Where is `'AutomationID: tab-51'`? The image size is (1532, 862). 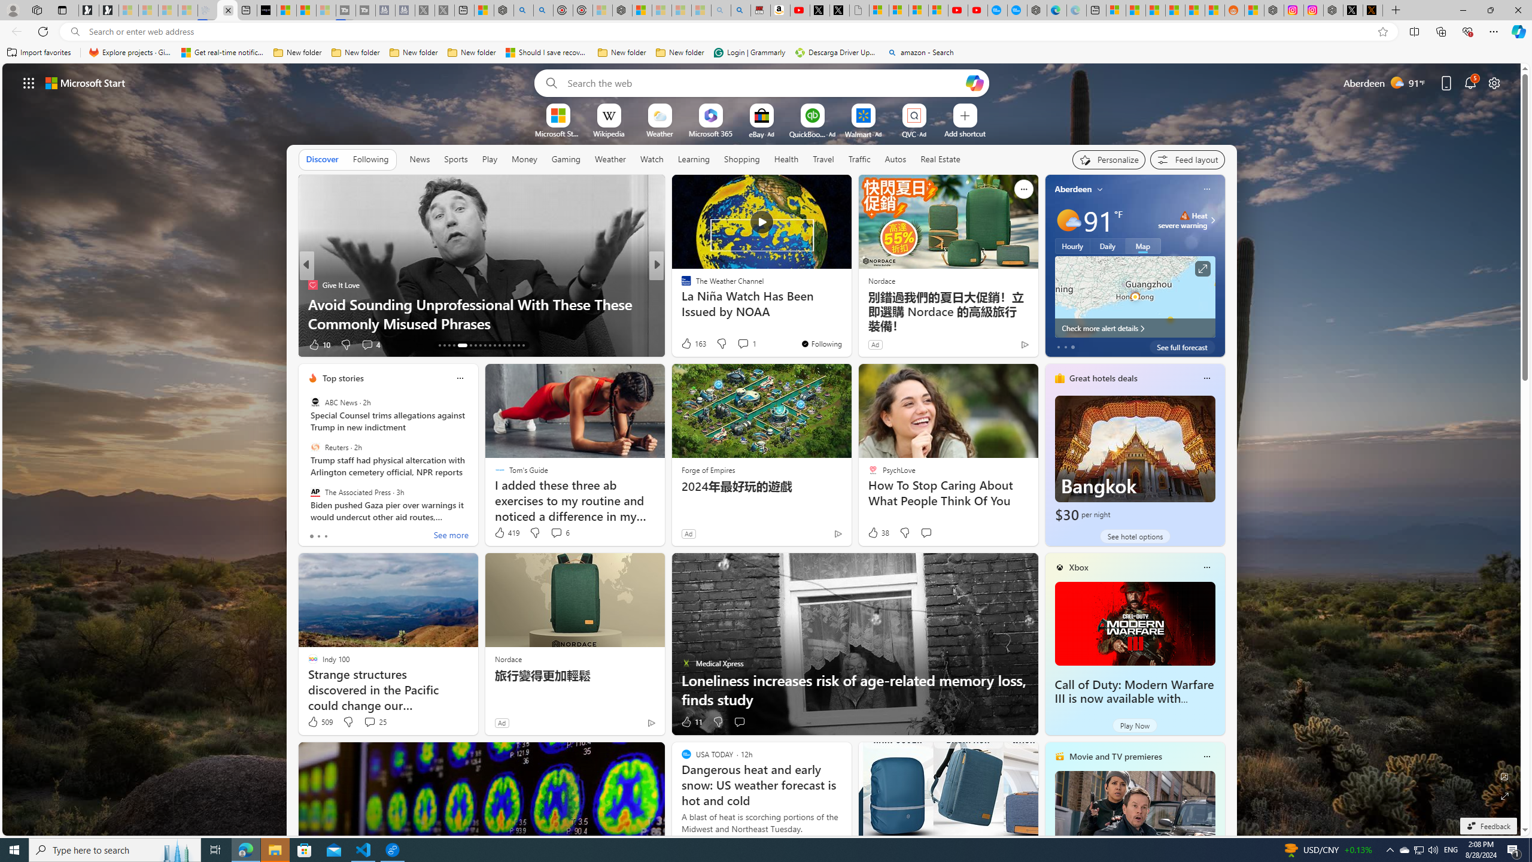 'AutomationID: tab-51' is located at coordinates (513, 345).